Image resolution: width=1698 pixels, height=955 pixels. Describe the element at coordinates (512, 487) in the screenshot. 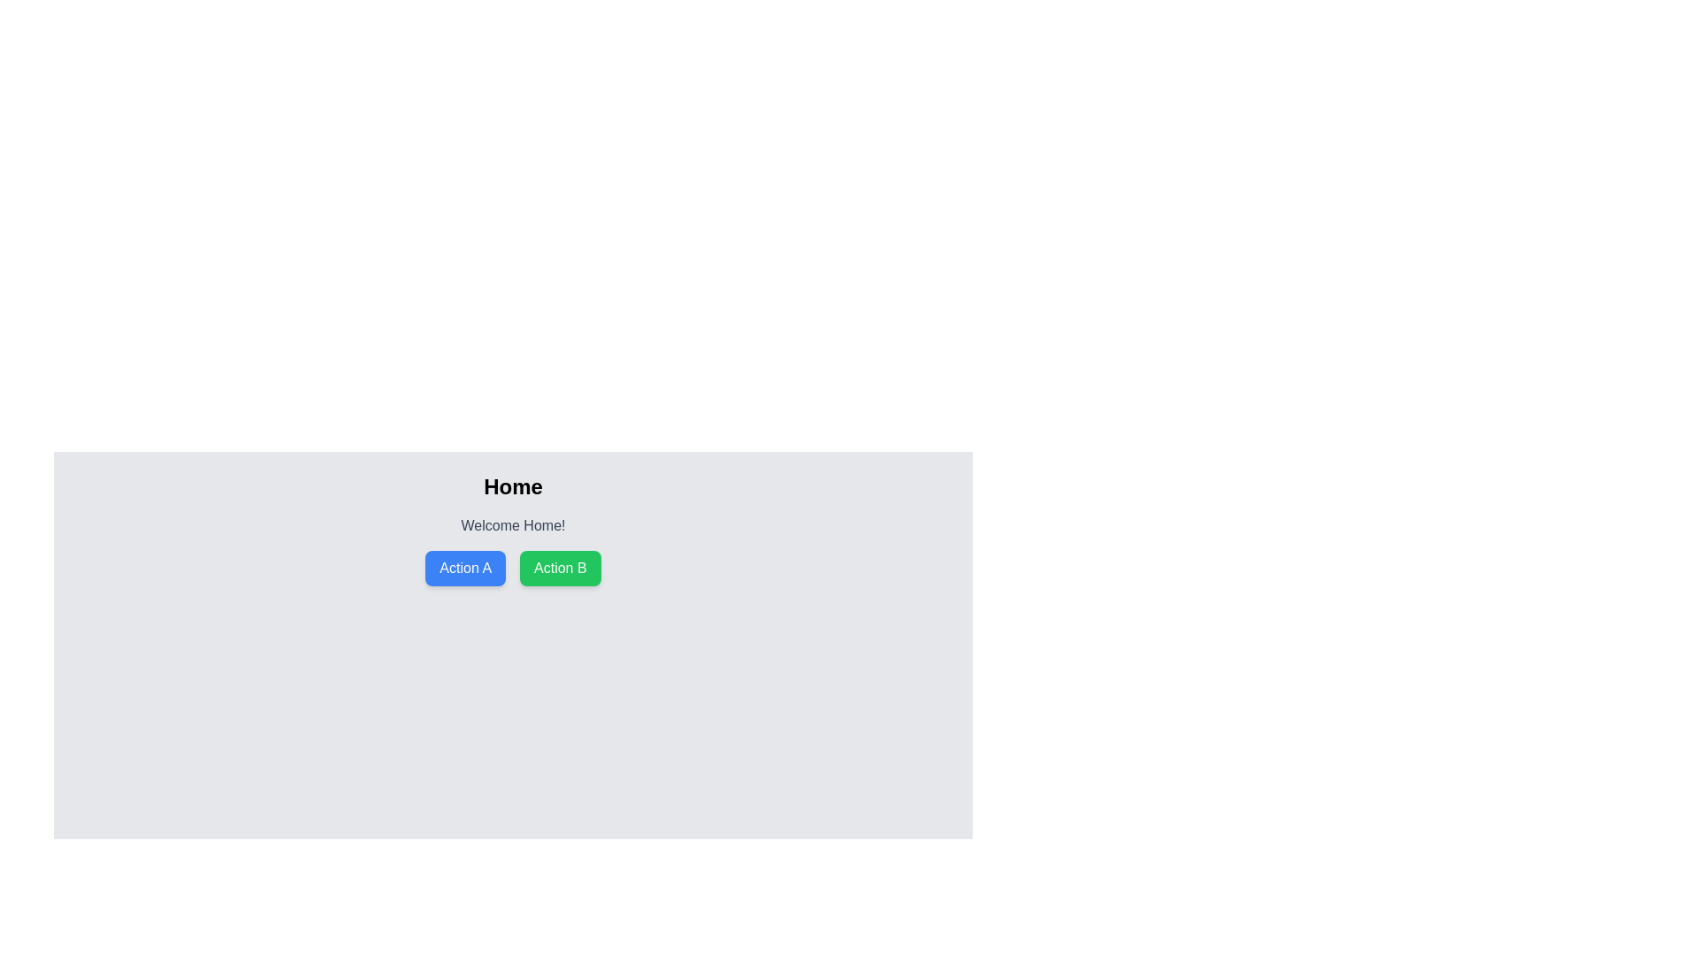

I see `the bold and enlarged 'Home' heading element, which is centered within a light gray background and positioned above the text 'Welcome Home!'` at that location.